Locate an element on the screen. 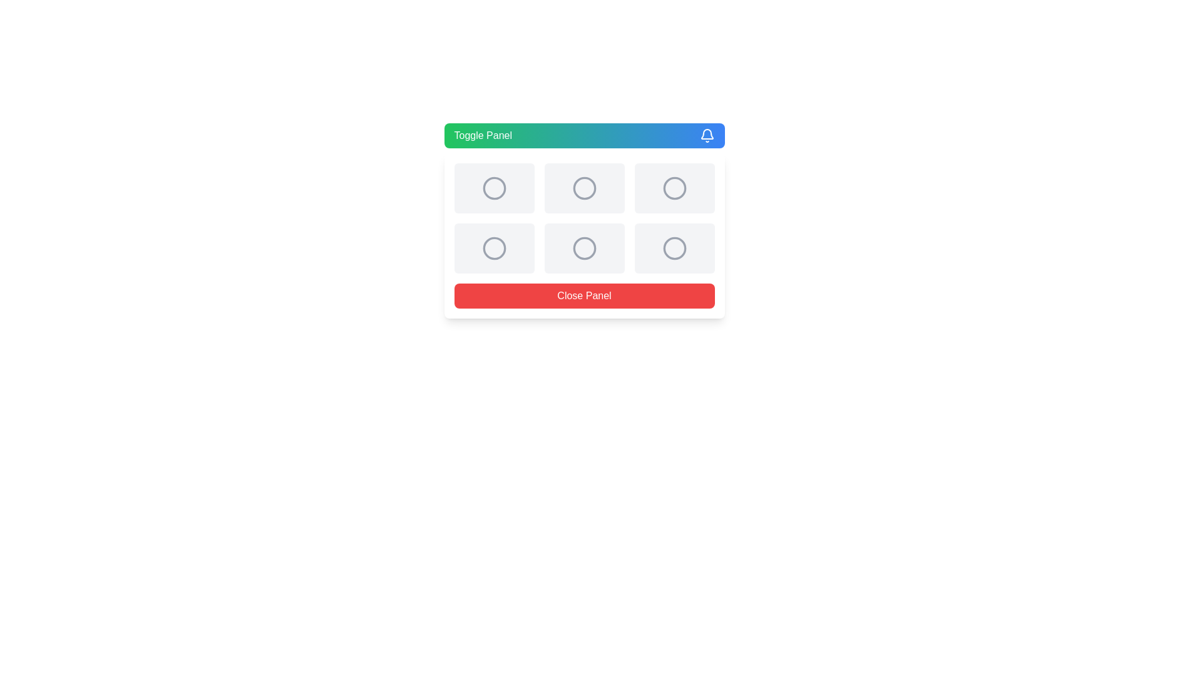 This screenshot has height=676, width=1202. the notification icon located in the top header bar, adjacent to 'Toggle Panel' is located at coordinates (707, 135).